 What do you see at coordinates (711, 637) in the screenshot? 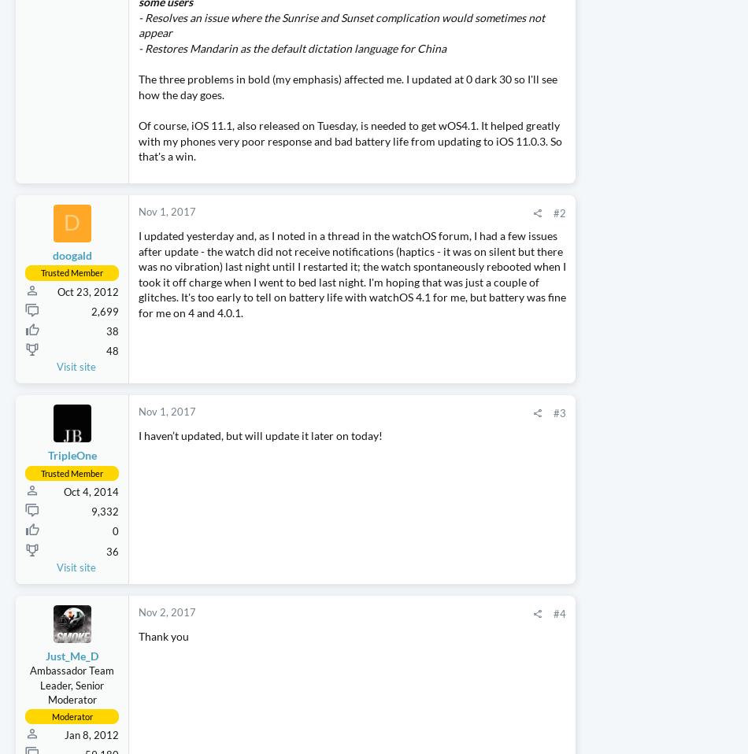
I see `'257,952'` at bounding box center [711, 637].